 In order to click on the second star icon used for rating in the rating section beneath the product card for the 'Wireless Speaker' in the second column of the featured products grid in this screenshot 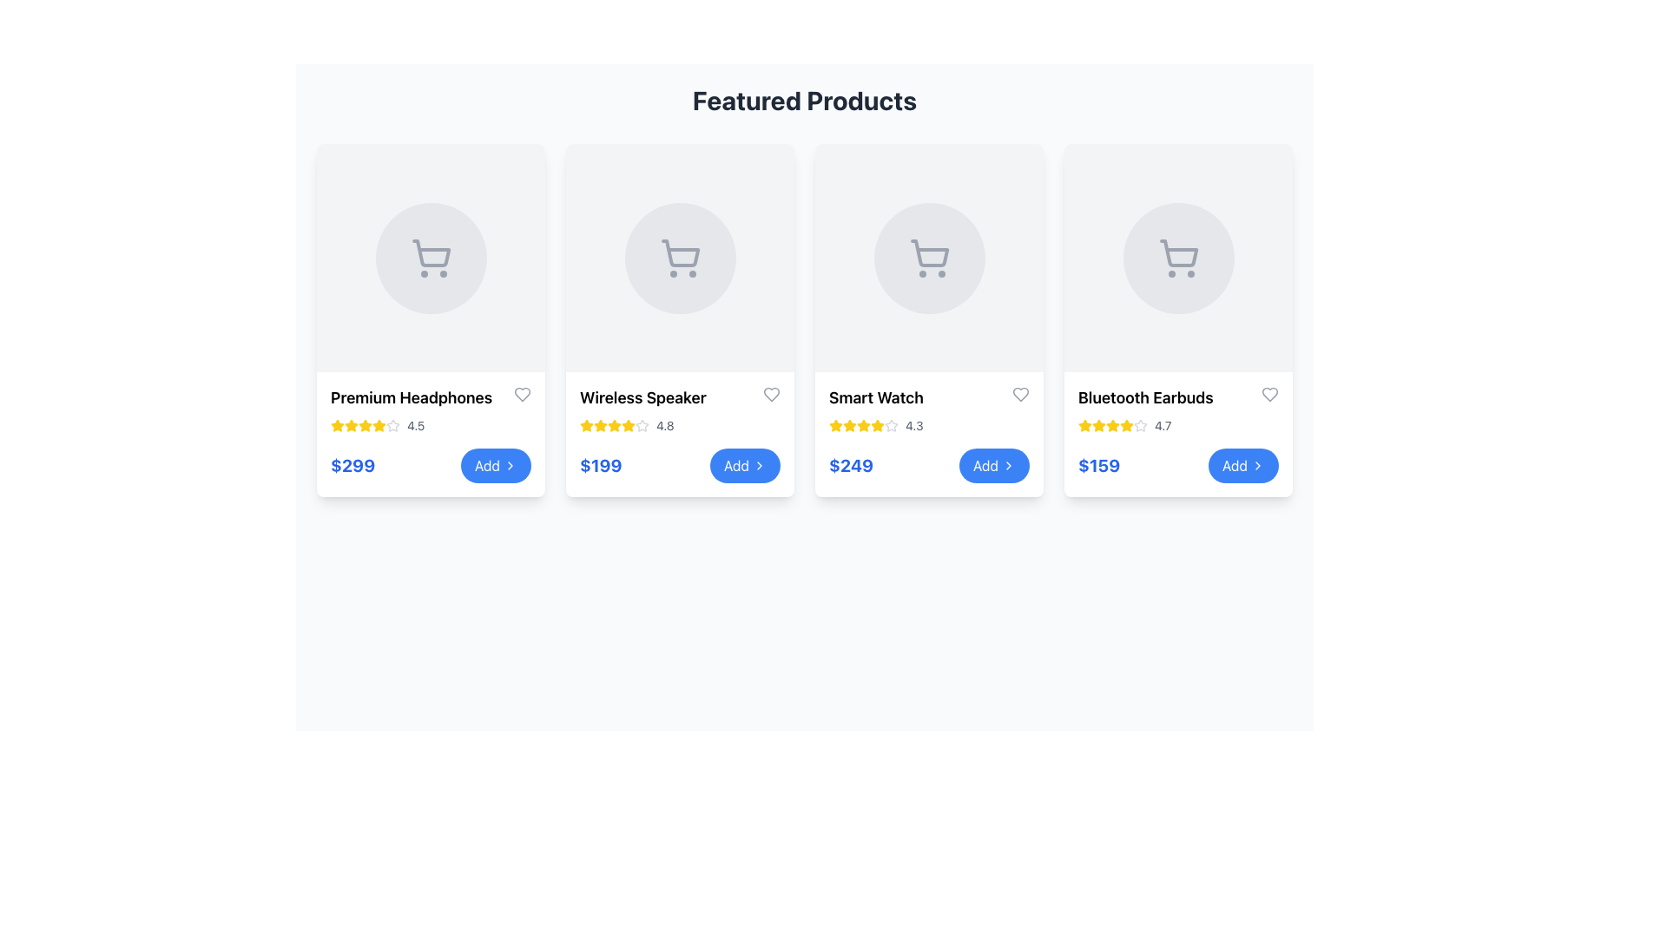, I will do `click(641, 425)`.